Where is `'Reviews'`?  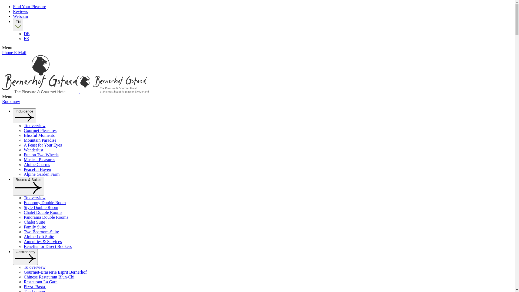
'Reviews' is located at coordinates (20, 11).